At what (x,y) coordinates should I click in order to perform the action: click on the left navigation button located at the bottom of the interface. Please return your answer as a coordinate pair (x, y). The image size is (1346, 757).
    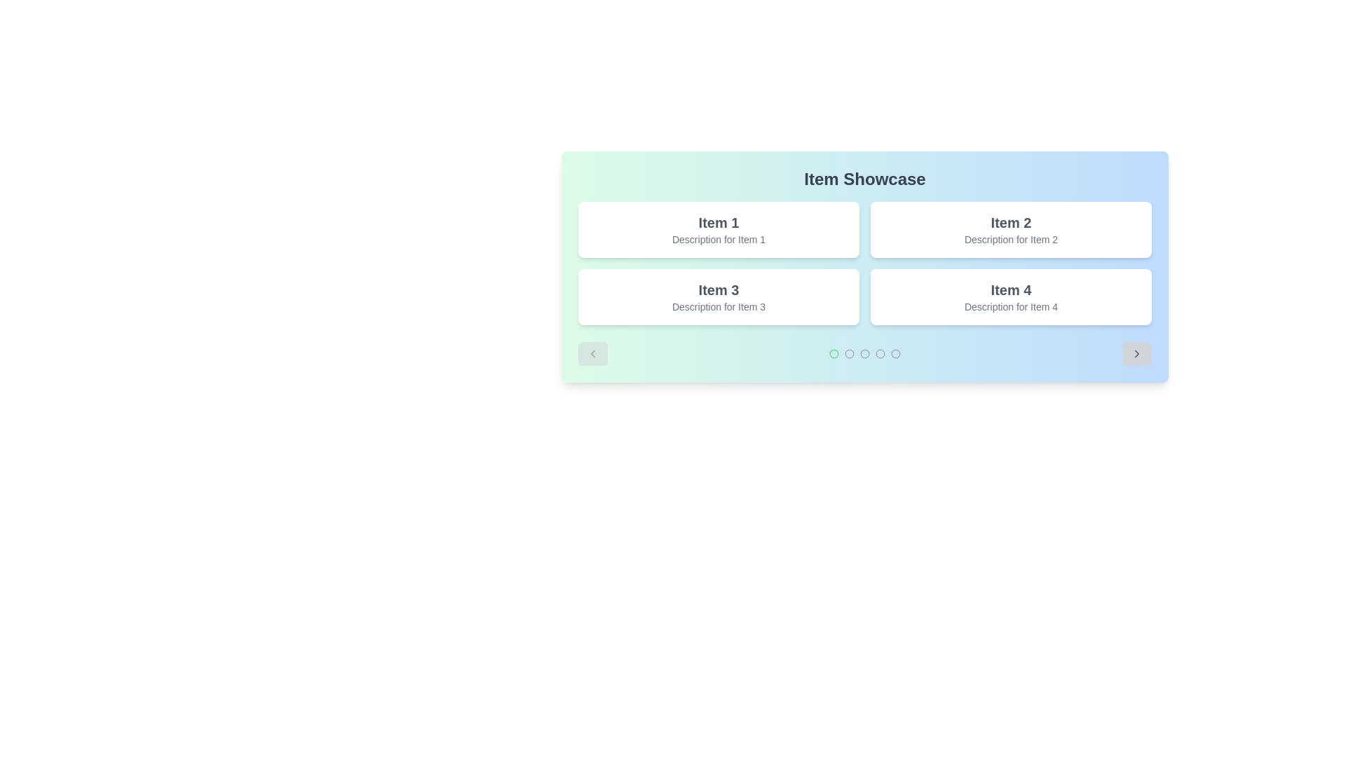
    Looking at the image, I should click on (592, 353).